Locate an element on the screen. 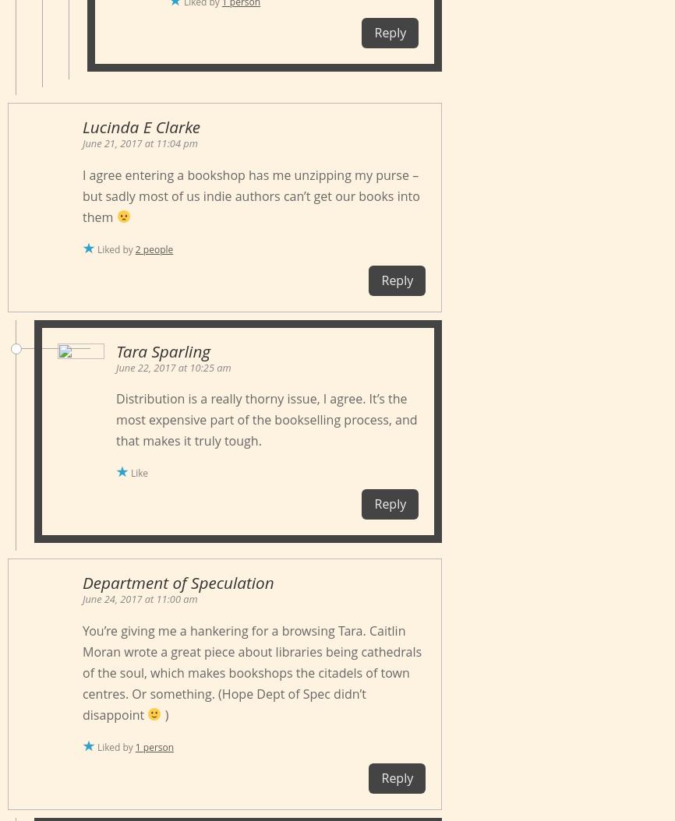  ')' is located at coordinates (164, 713).